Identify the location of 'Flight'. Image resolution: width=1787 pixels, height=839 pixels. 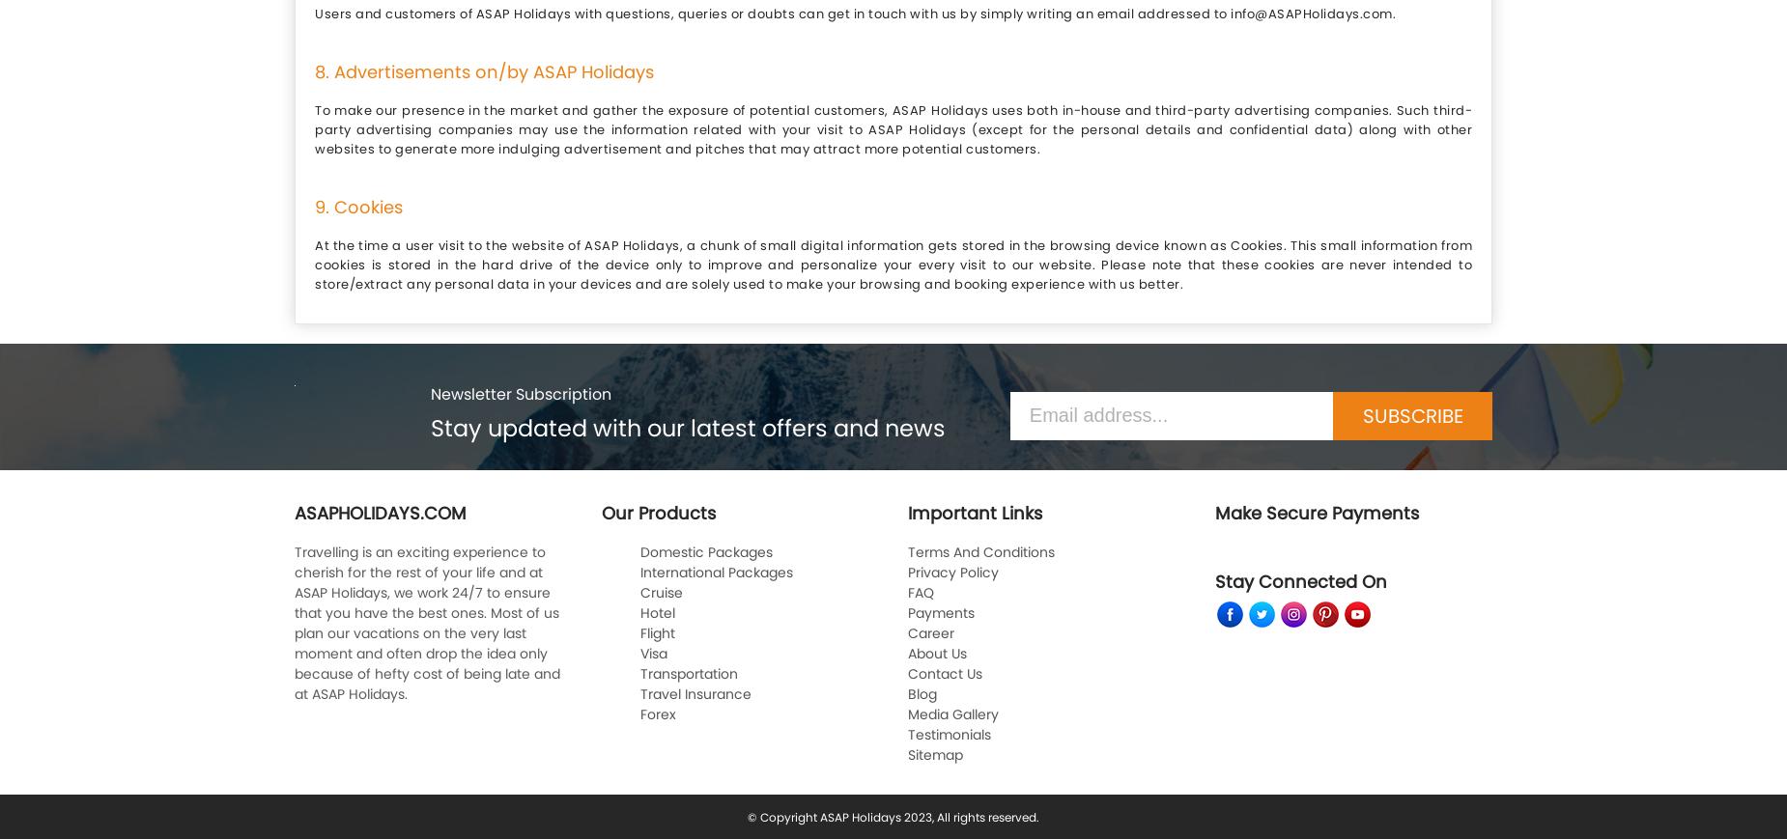
(657, 631).